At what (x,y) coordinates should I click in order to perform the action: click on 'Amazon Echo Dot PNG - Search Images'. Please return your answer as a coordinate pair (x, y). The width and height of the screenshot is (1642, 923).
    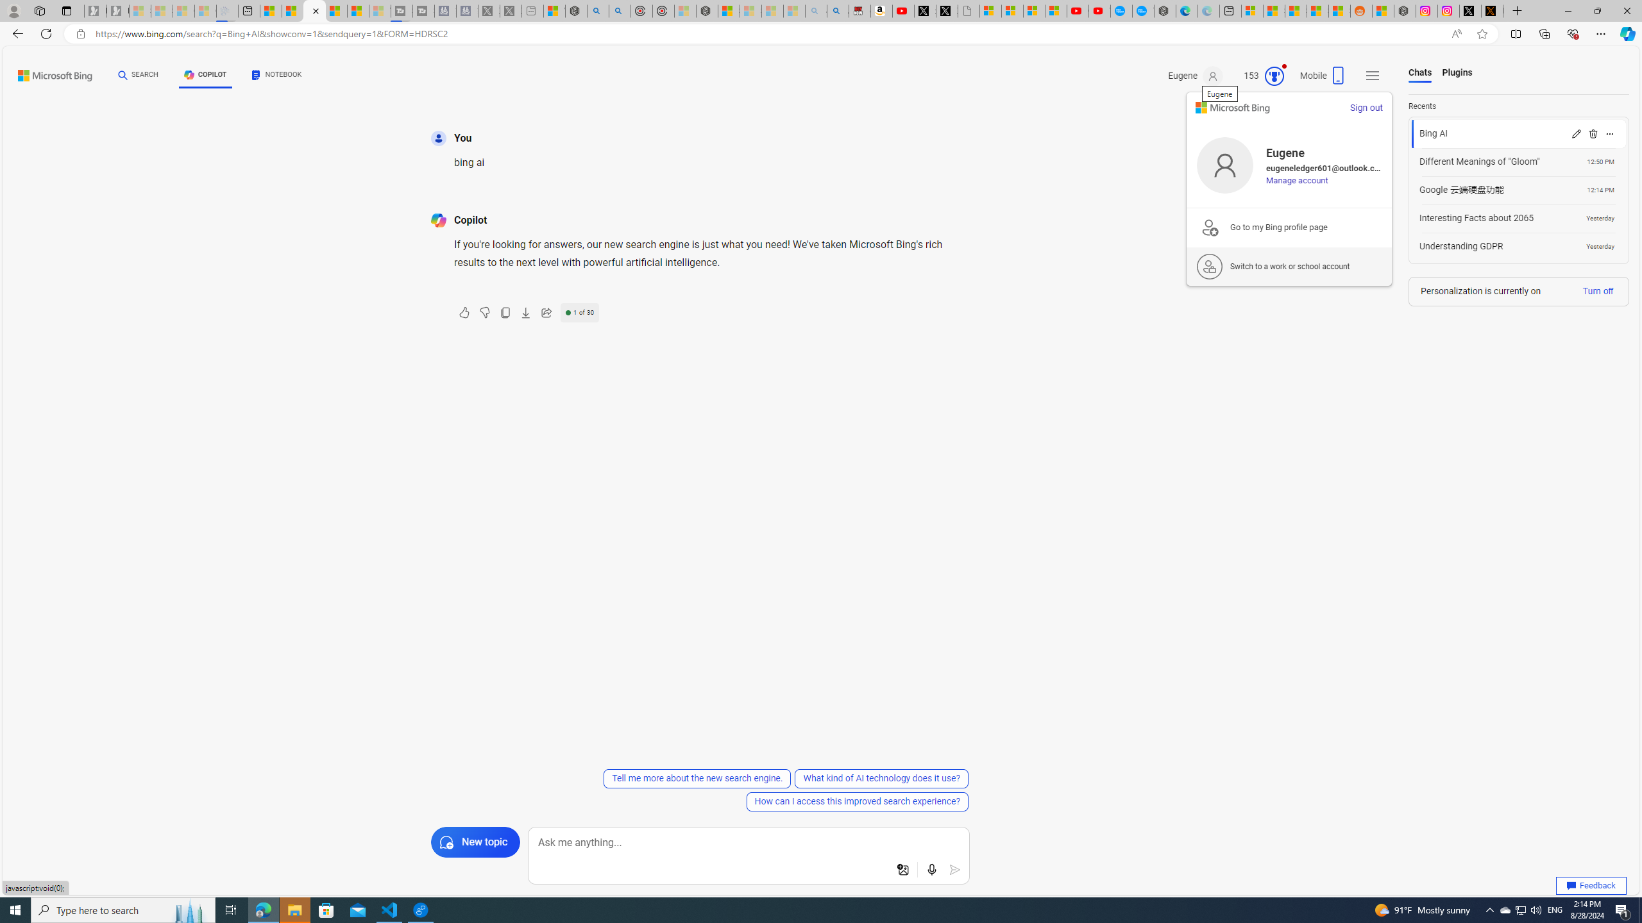
    Looking at the image, I should click on (836, 10).